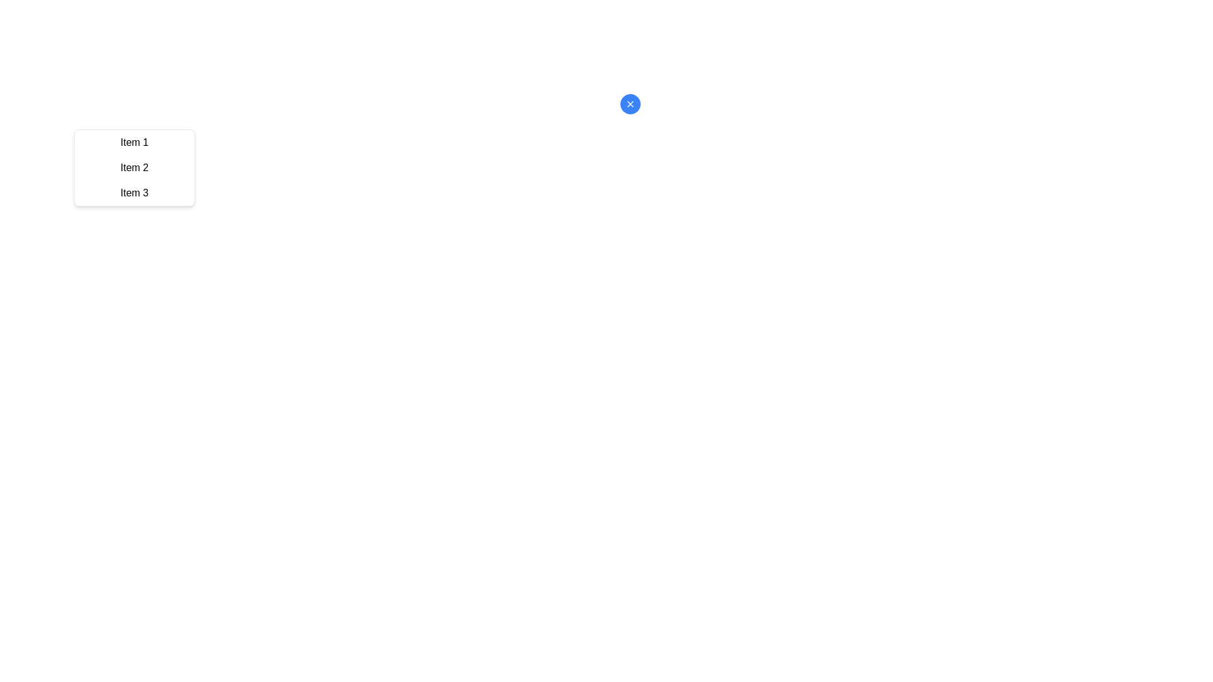 The image size is (1213, 682). Describe the element at coordinates (630, 104) in the screenshot. I see `the circular blue button with a white 'X' icon at its center` at that location.